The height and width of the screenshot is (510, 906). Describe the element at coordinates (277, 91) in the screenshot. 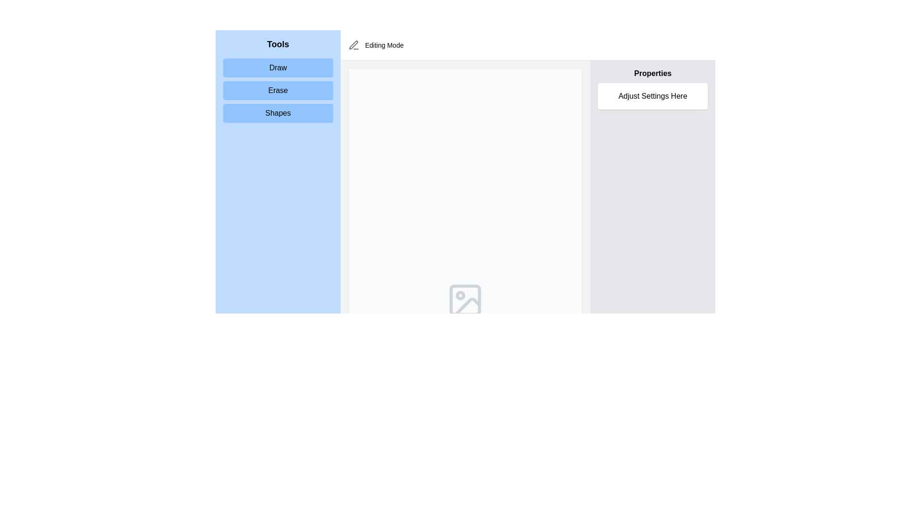

I see `the 'Erase' button located below the 'Tools' heading and above the 'Shapes' button` at that location.